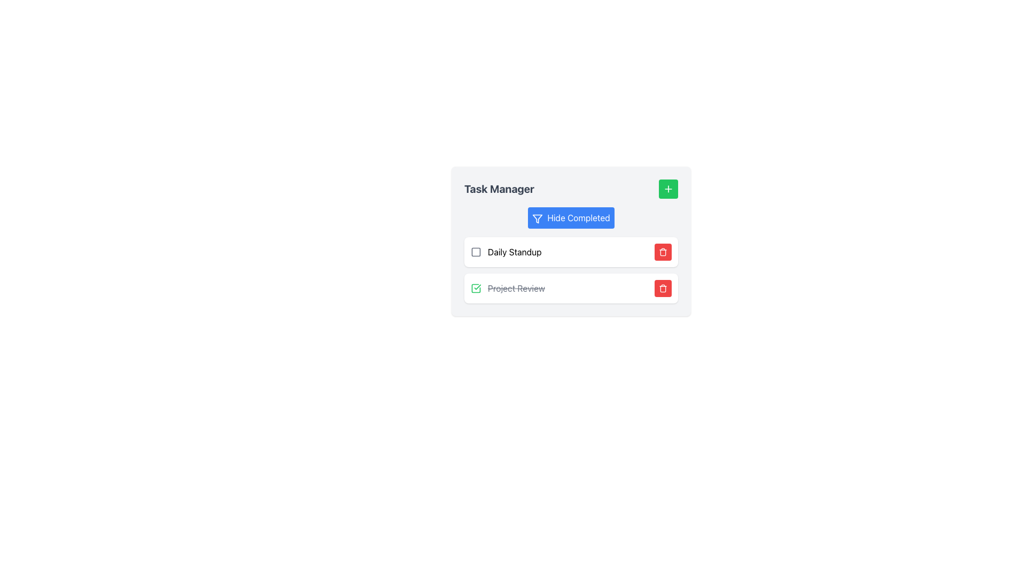  I want to click on the green check mark icon associated with the second task item labeled 'Project Review' in the task list, so click(476, 288).